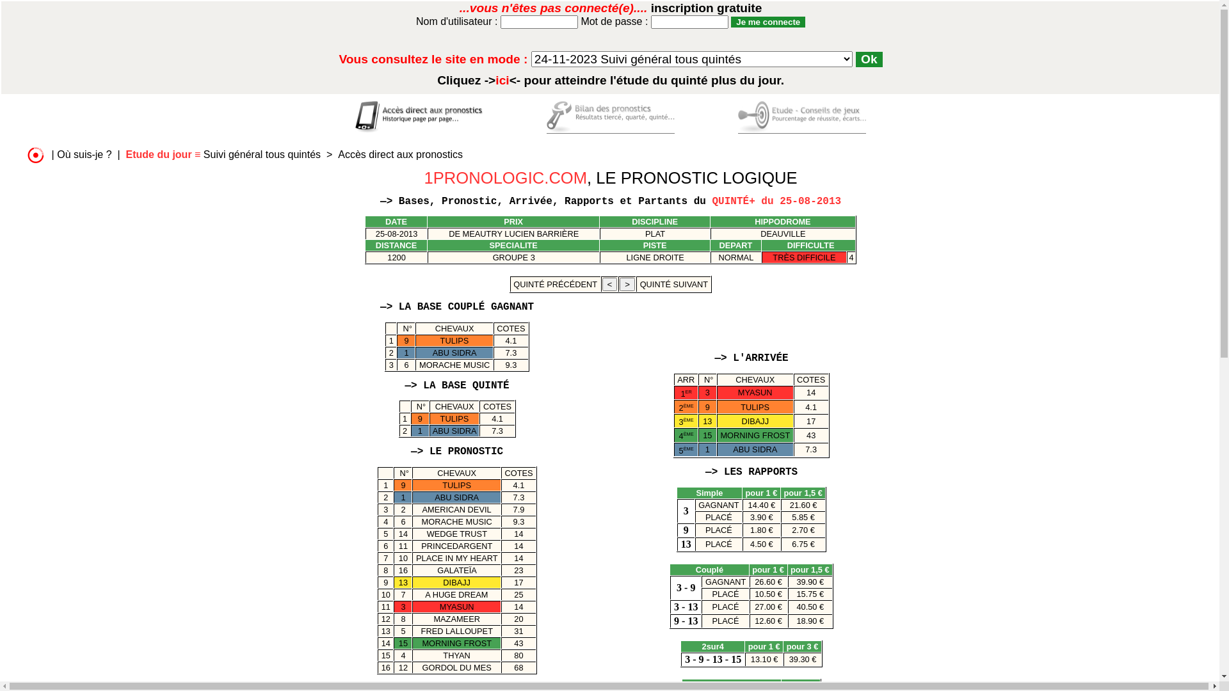 Image resolution: width=1229 pixels, height=691 pixels. I want to click on 'inscription gratuite', so click(706, 8).